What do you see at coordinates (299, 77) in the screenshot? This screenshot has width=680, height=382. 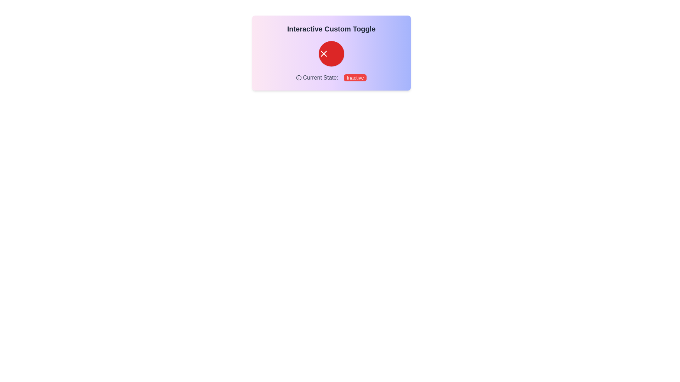 I see `the circular 'info' icon element within the SVG, which has a stroke and no fill, representing information or help` at bounding box center [299, 77].